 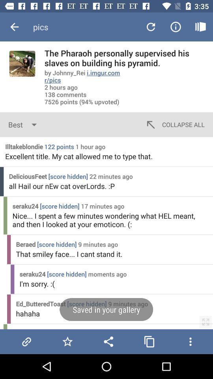 I want to click on more options, so click(x=190, y=341).